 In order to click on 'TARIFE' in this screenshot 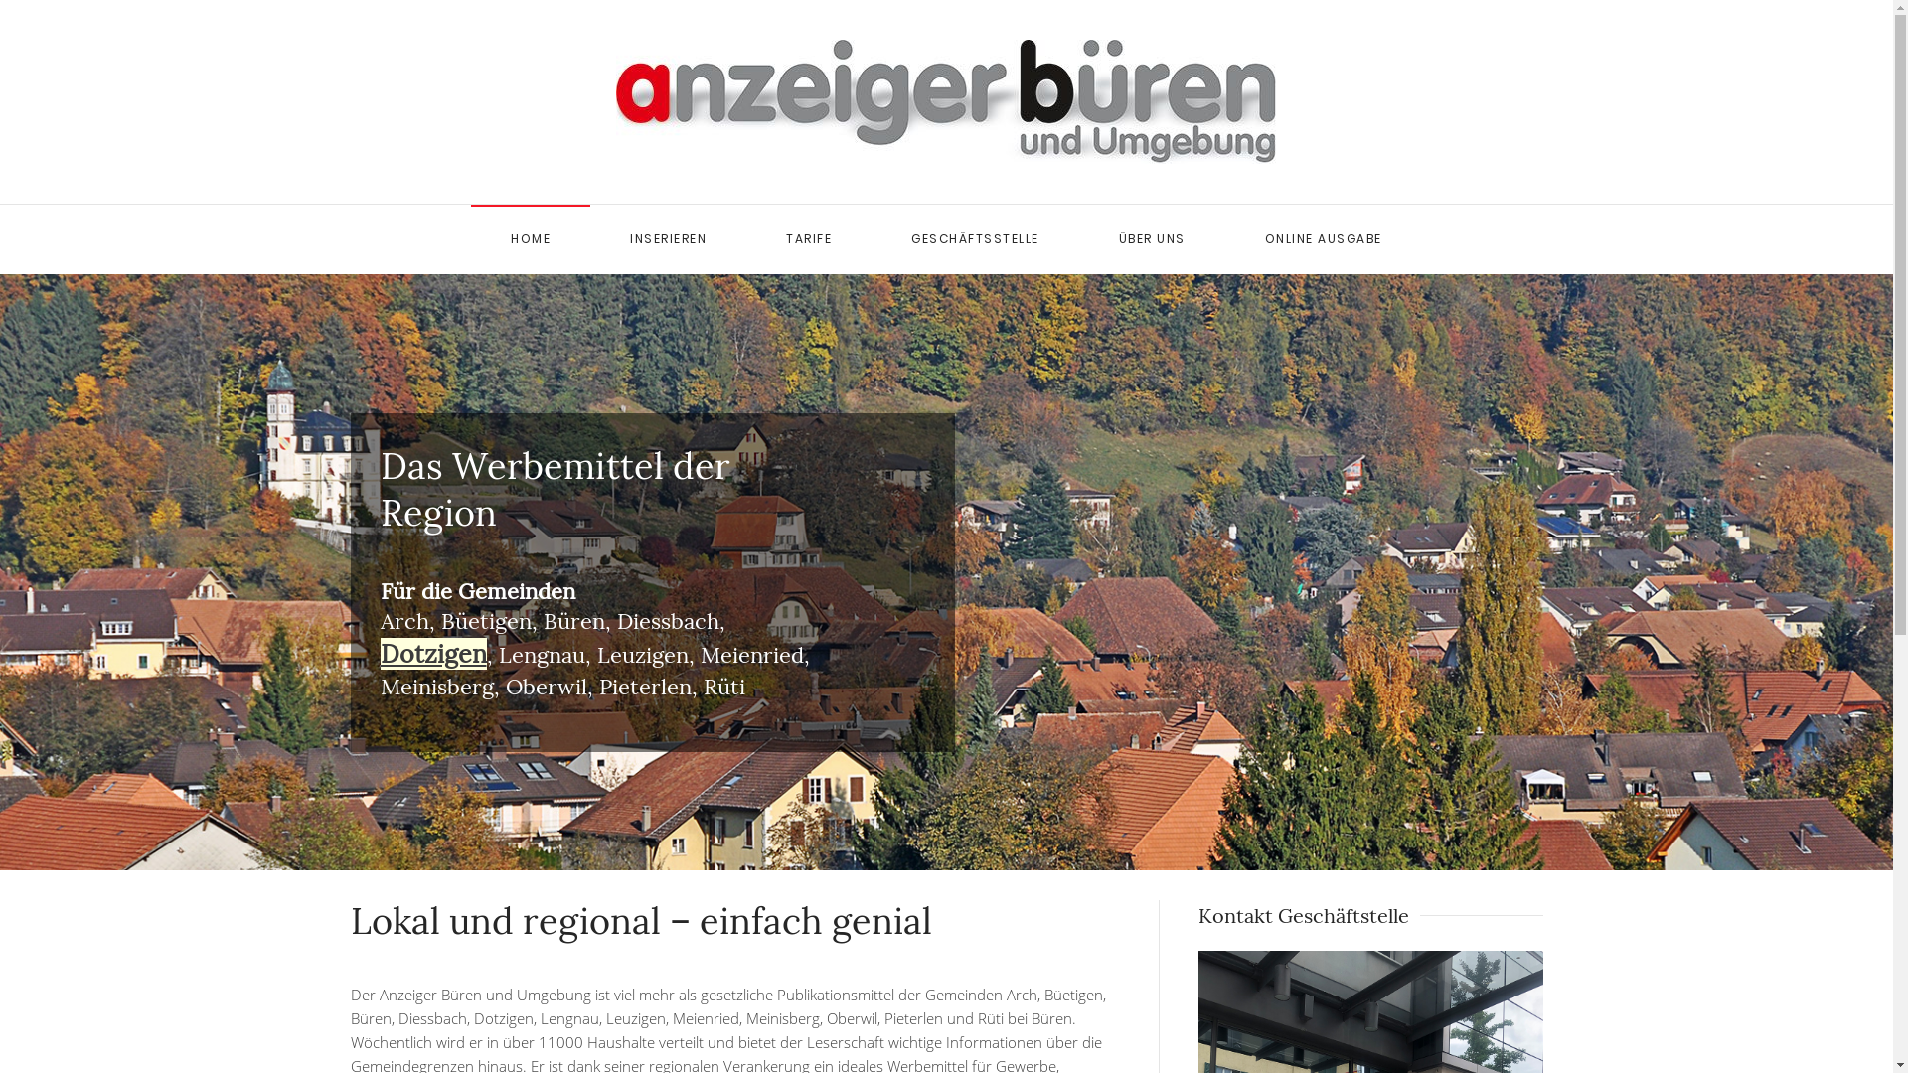, I will do `click(809, 237)`.